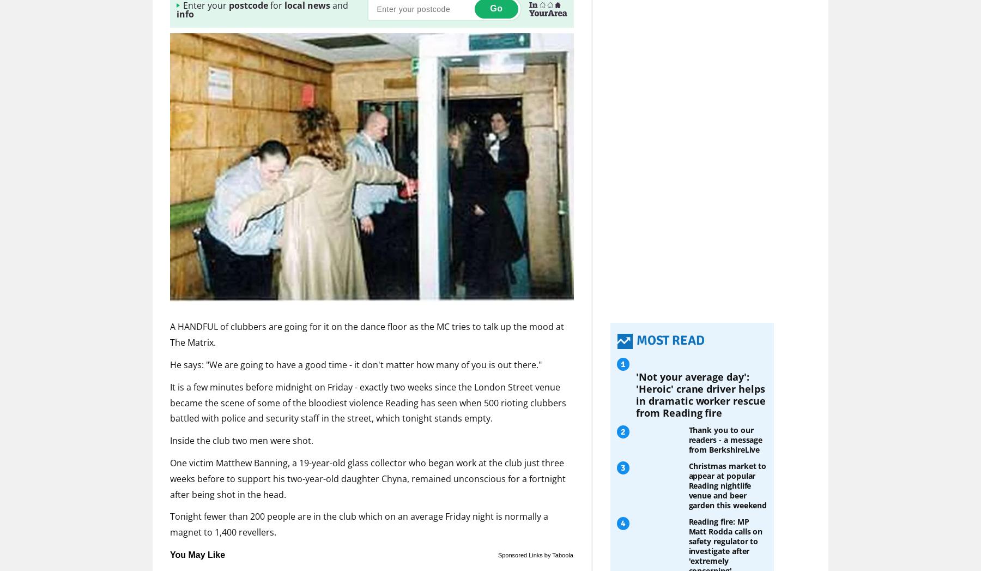 This screenshot has width=981, height=571. Describe the element at coordinates (622, 553) in the screenshot. I see `'3'` at that location.